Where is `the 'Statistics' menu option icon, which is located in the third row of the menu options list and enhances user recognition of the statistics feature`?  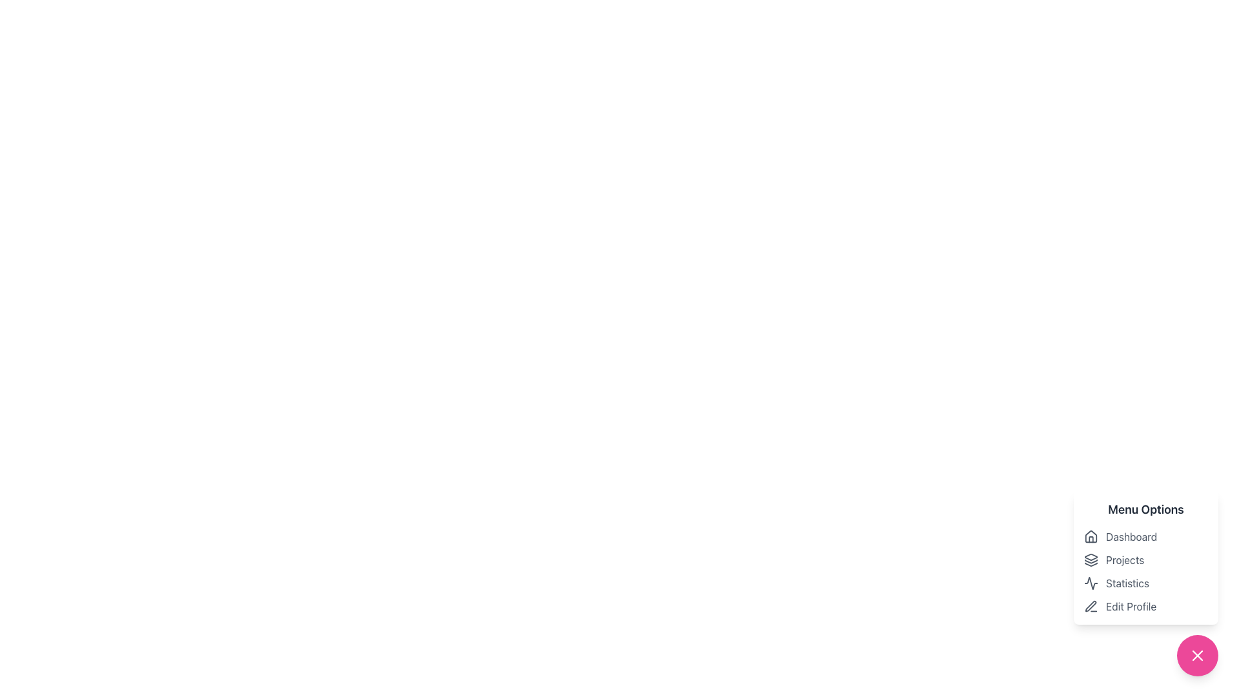 the 'Statistics' menu option icon, which is located in the third row of the menu options list and enhances user recognition of the statistics feature is located at coordinates (1090, 583).